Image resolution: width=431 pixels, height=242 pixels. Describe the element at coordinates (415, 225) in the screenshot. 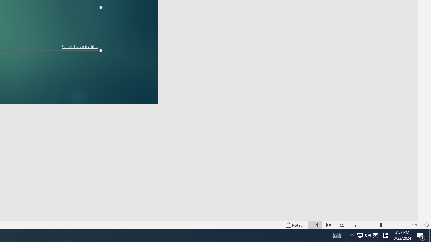

I see `'Zoom 73%'` at that location.